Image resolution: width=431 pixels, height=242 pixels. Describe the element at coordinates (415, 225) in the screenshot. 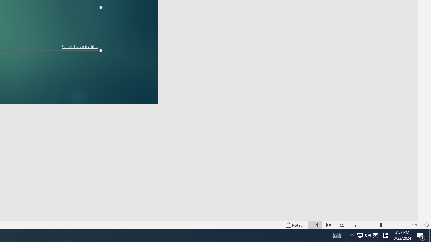

I see `'Zoom 73%'` at that location.